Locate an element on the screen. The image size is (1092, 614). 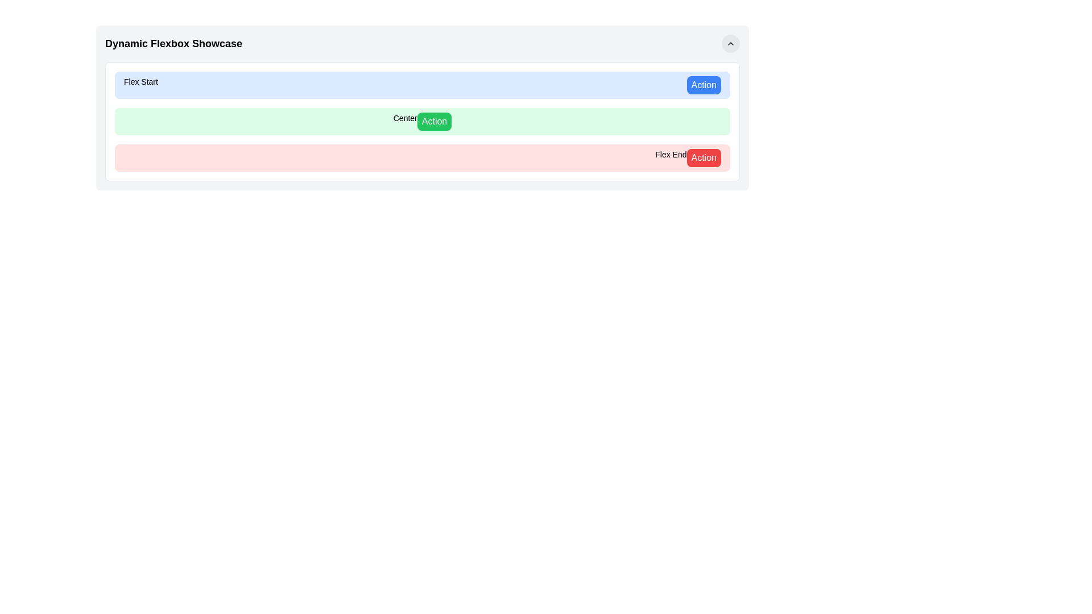
the button located immediately to the right of the text 'Center' within the second flexbox section is located at coordinates (433, 121).